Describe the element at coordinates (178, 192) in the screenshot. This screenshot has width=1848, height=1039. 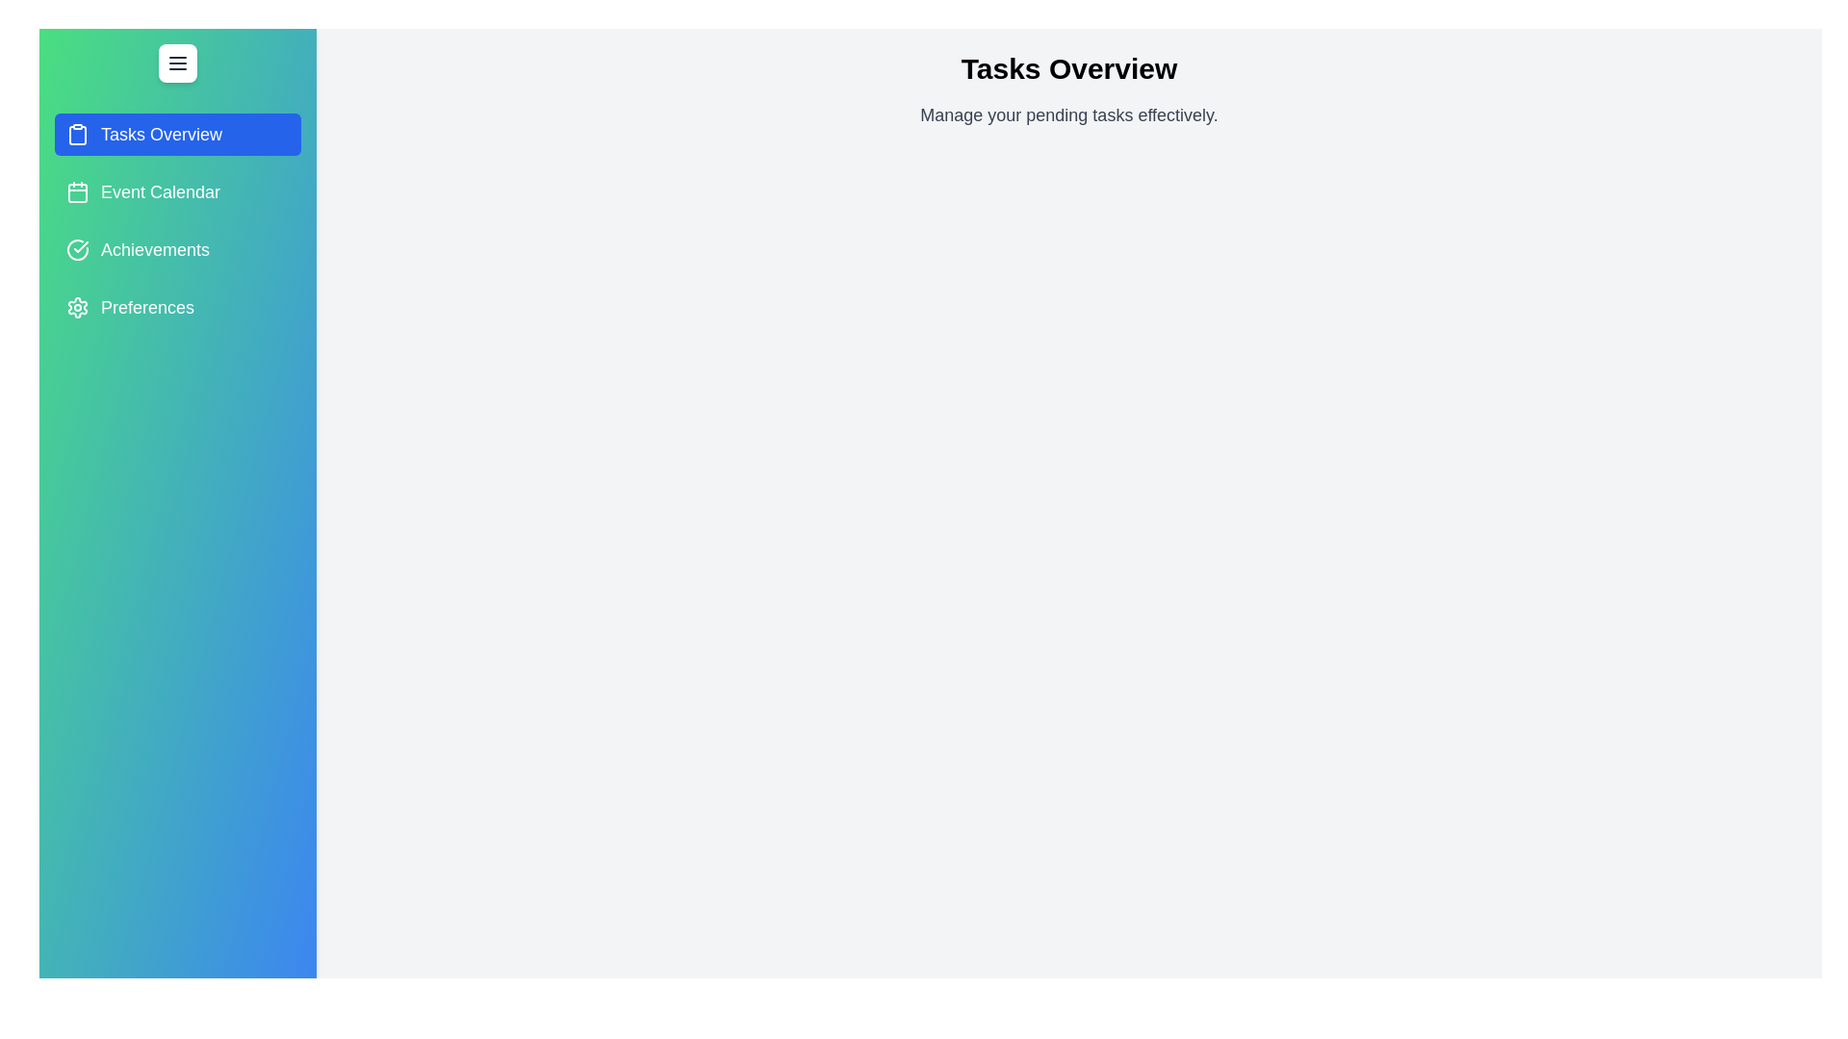
I see `the tab named Event Calendar from the drawer menu` at that location.